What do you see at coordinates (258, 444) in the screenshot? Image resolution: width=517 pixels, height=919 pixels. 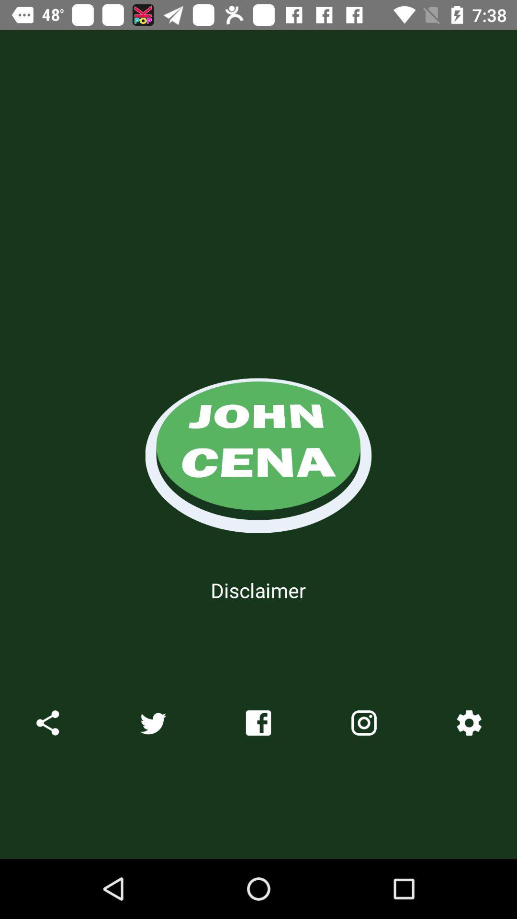 I see `the icon above disclaimer icon` at bounding box center [258, 444].